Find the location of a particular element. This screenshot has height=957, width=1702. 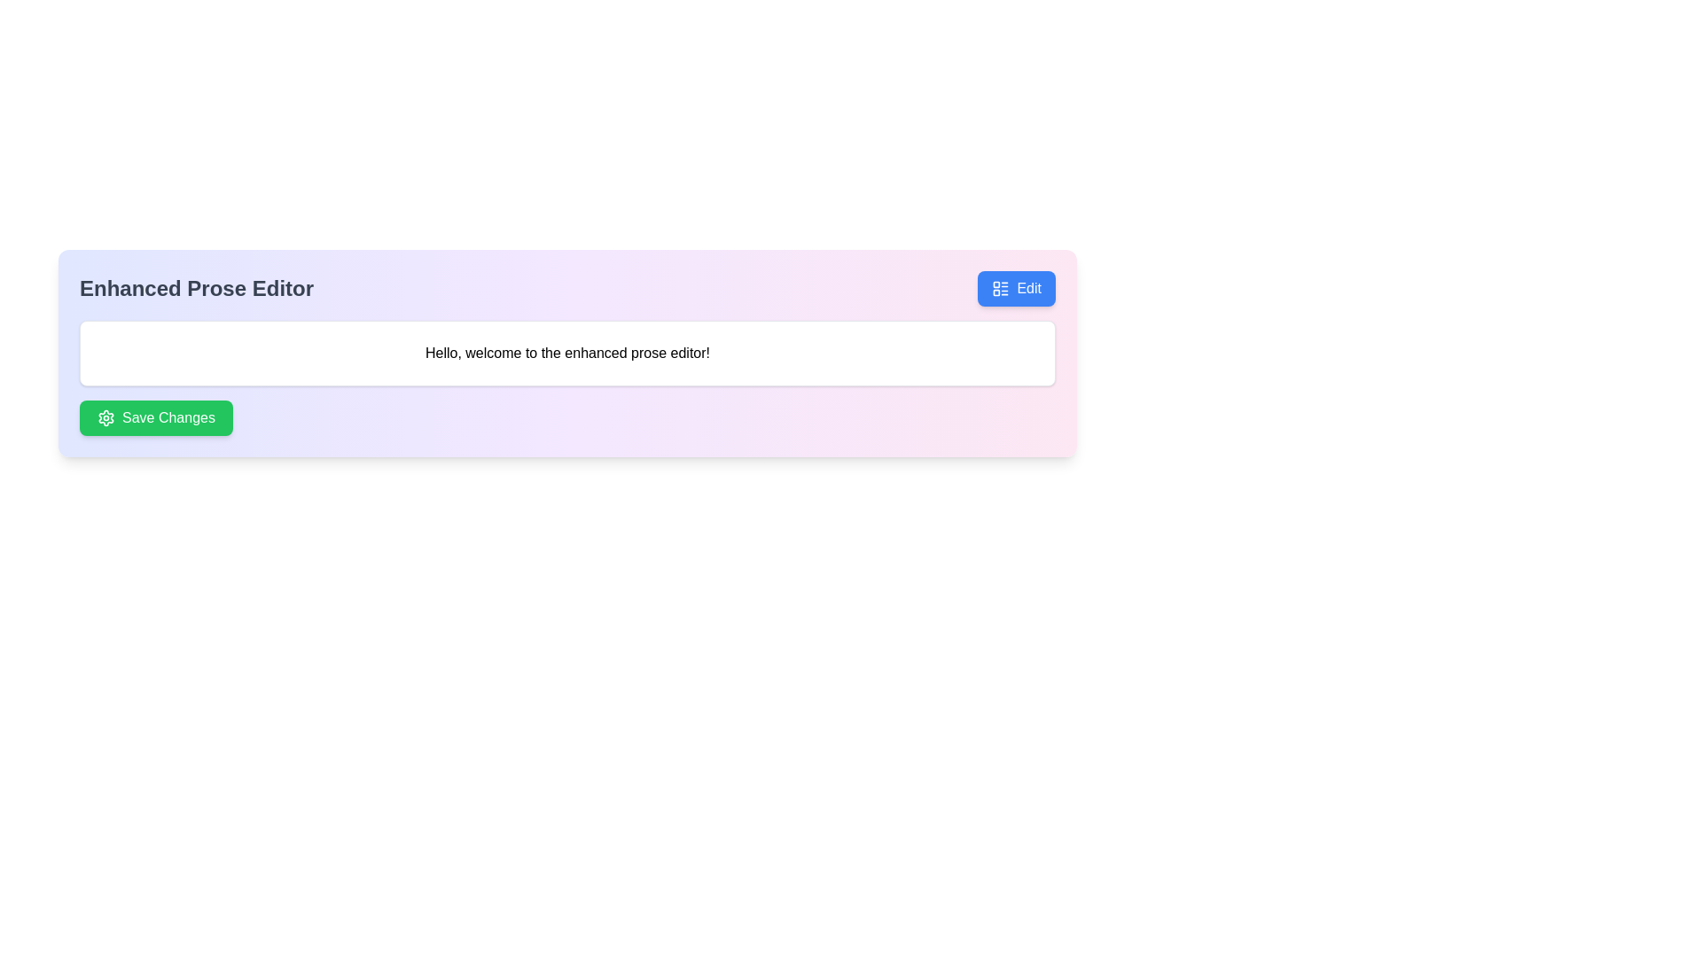

the green cogwheel icon located to the left of the 'Save Changes' button is located at coordinates (105, 417).